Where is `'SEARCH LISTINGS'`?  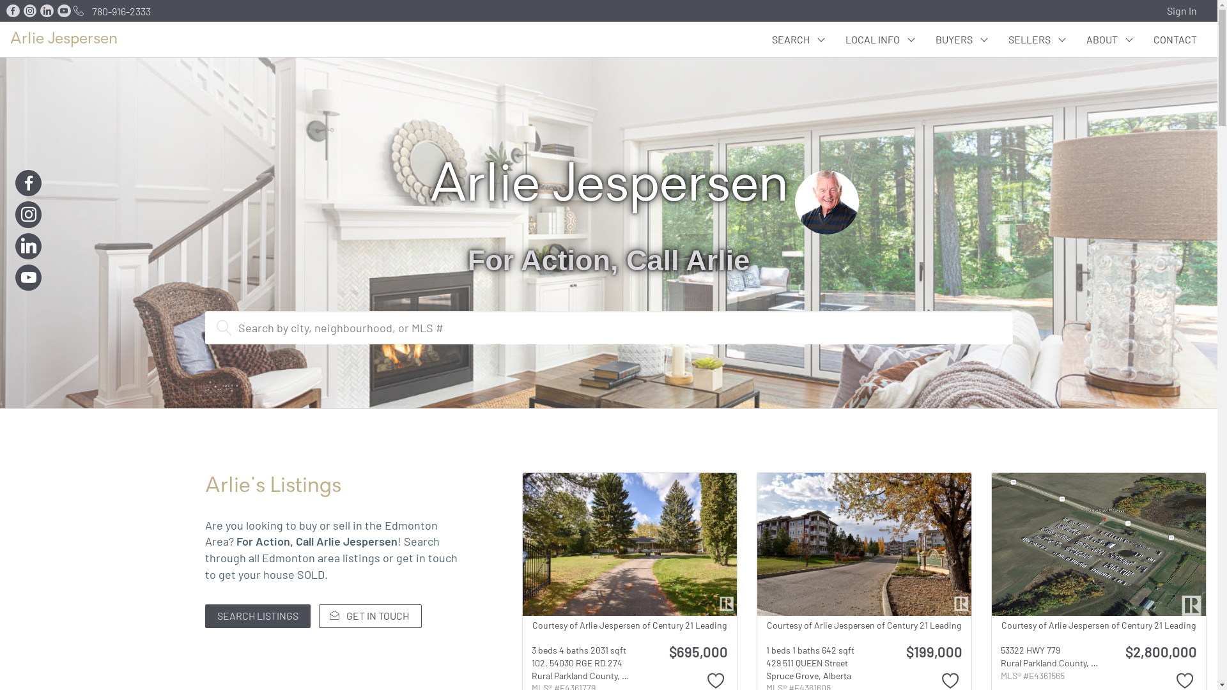
'SEARCH LISTINGS' is located at coordinates (256, 615).